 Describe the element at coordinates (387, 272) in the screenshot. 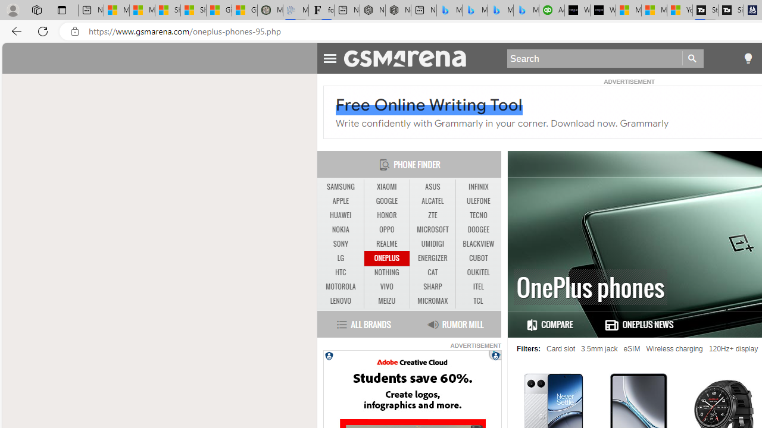

I see `'NOTHING'` at that location.